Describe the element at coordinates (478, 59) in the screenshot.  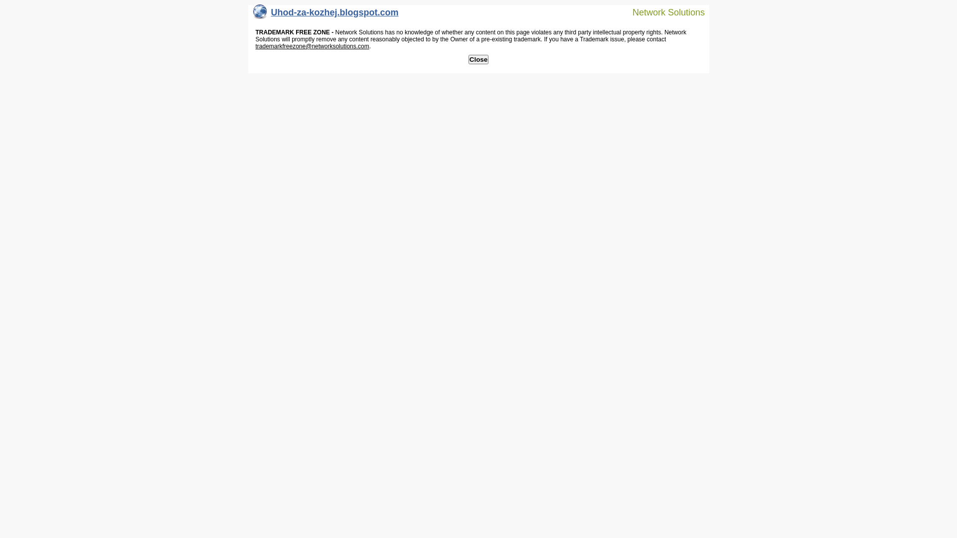
I see `'Close'` at that location.